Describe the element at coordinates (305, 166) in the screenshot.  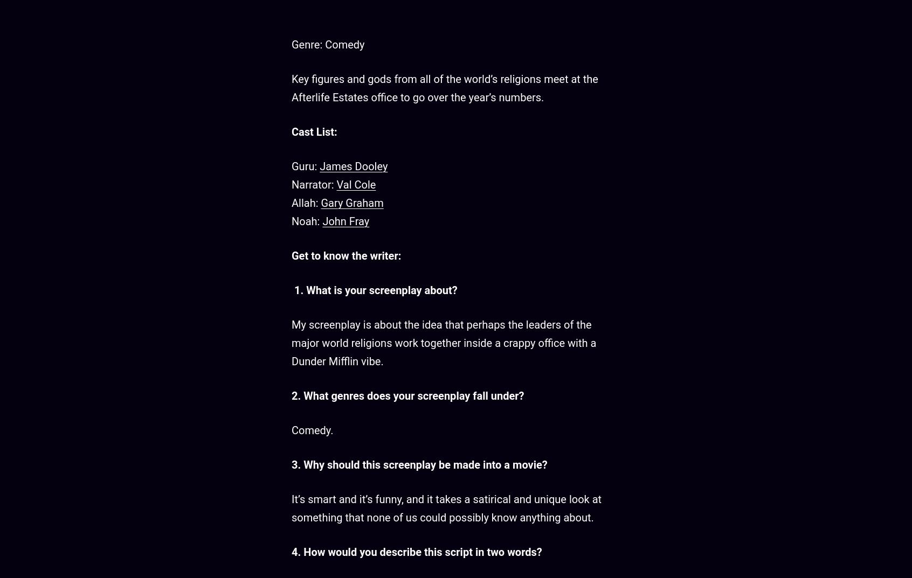
I see `'Guru:'` at that location.